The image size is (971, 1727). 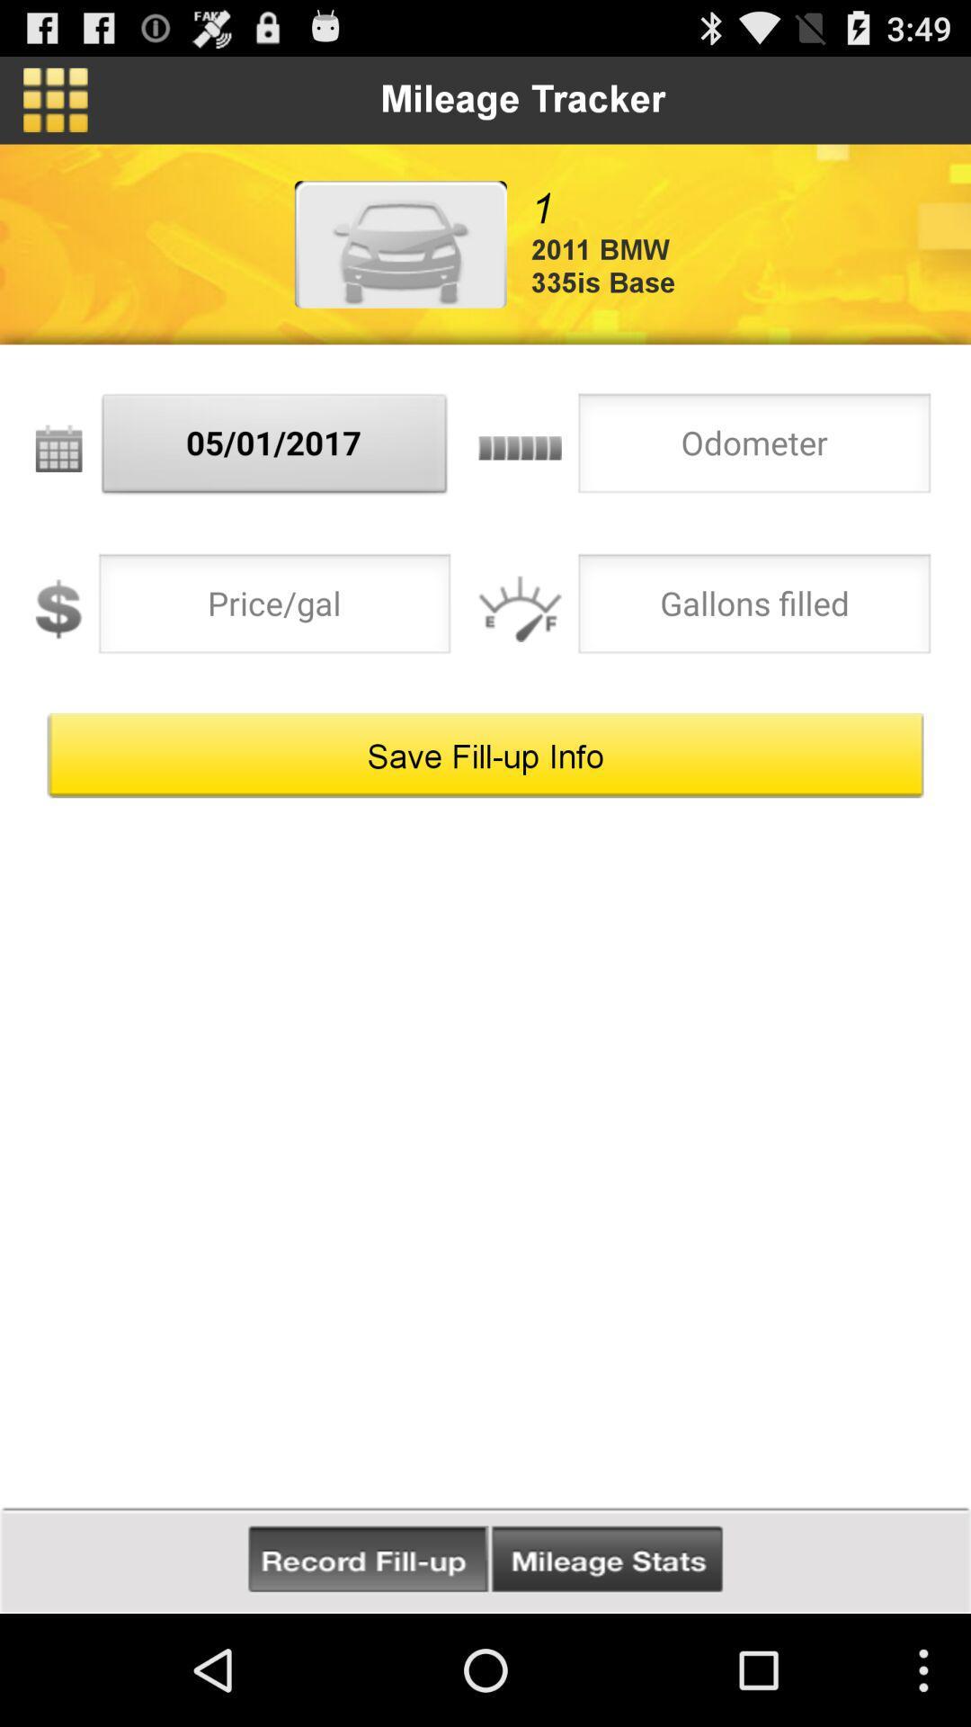 I want to click on main menu, so click(x=54, y=99).